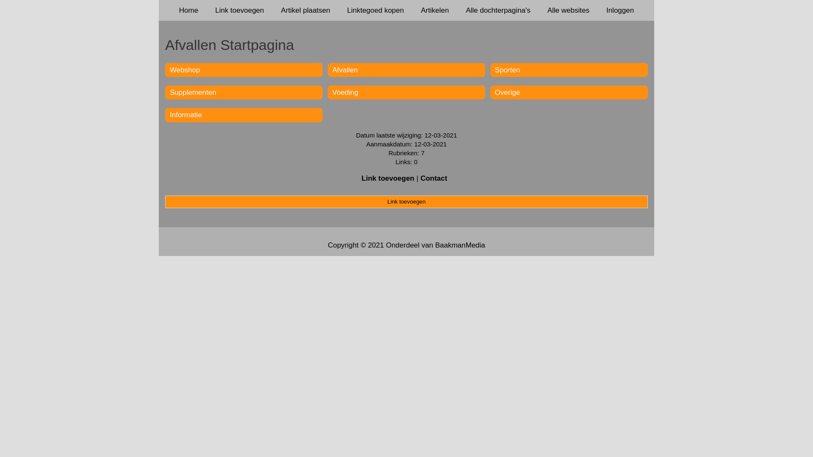 The width and height of the screenshot is (813, 457). I want to click on 'Contact', so click(420, 178).